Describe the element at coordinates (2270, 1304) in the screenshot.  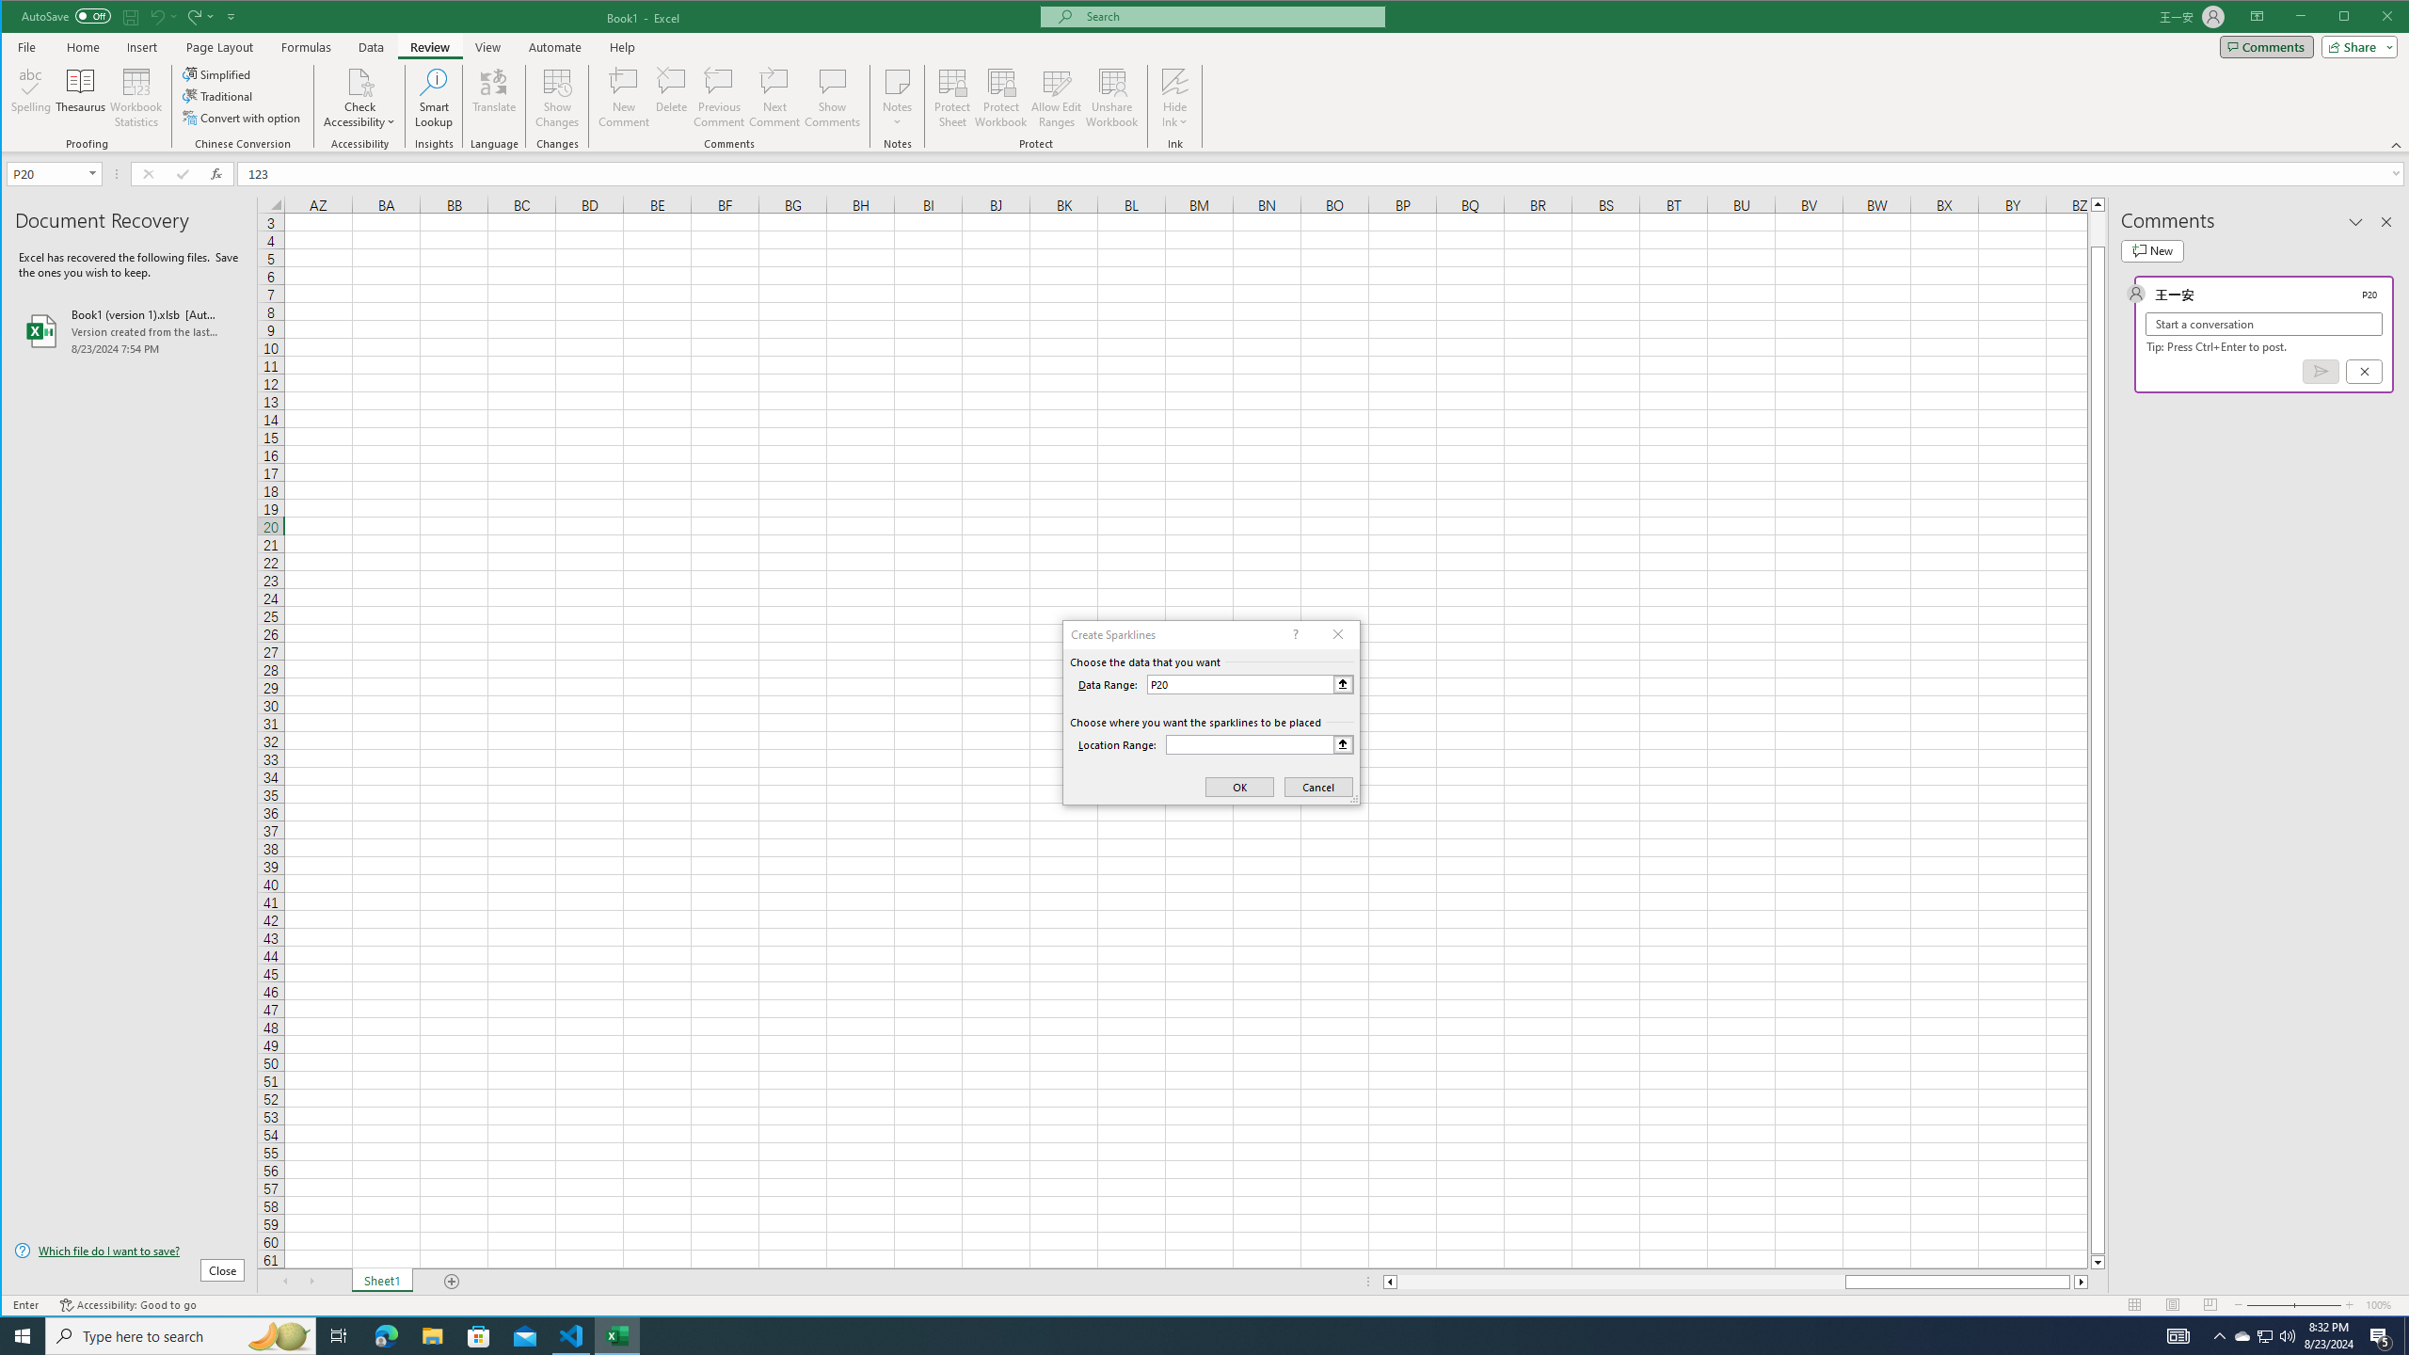
I see `'Zoom Out'` at that location.